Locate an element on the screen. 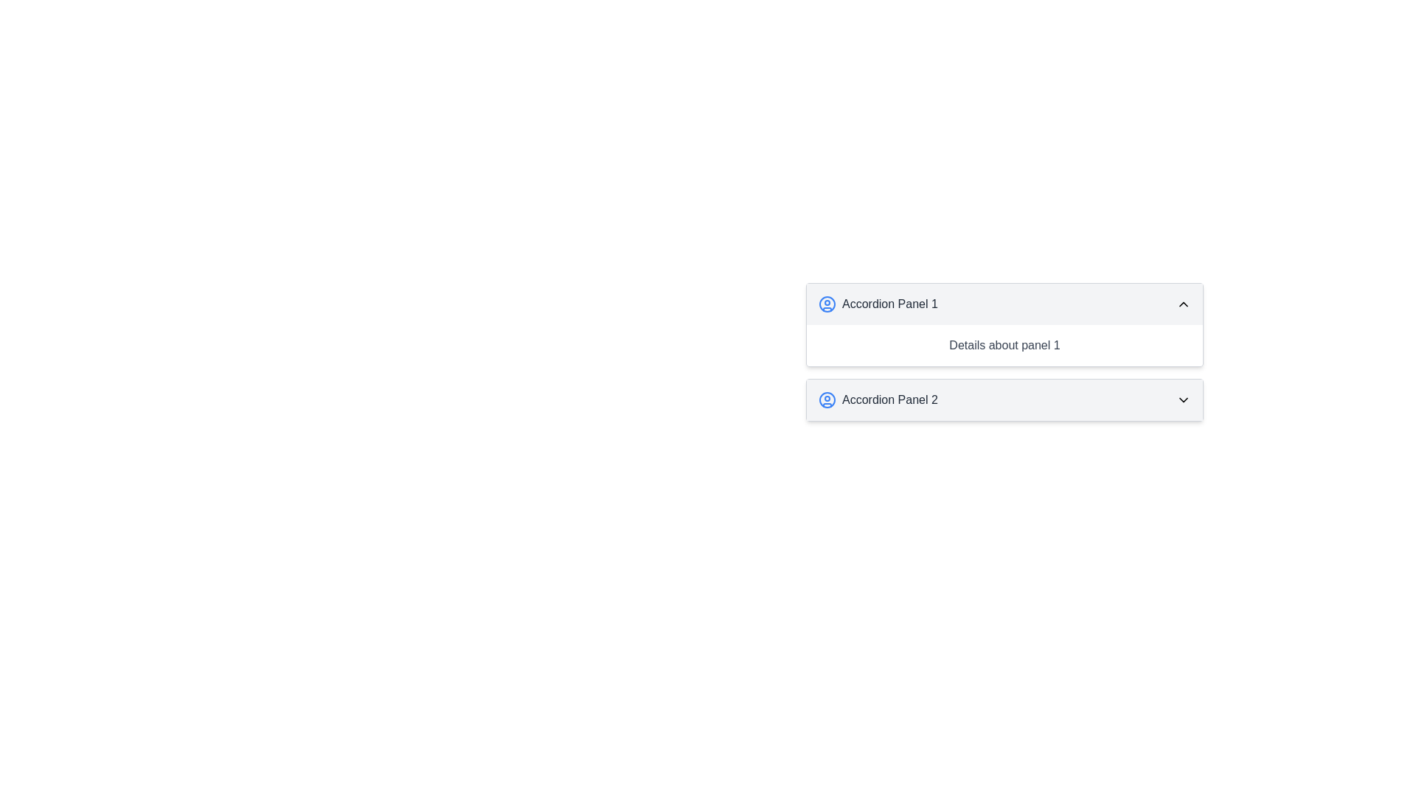 This screenshot has width=1416, height=796. the text label 'Accordion Panel 2' is located at coordinates (878, 400).